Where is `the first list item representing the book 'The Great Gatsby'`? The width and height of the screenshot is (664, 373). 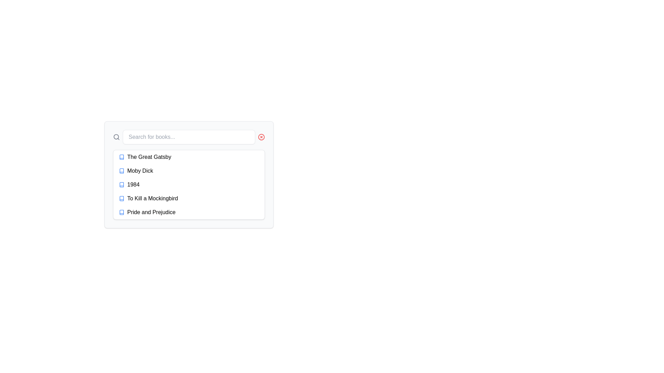
the first list item representing the book 'The Great Gatsby' is located at coordinates (189, 157).